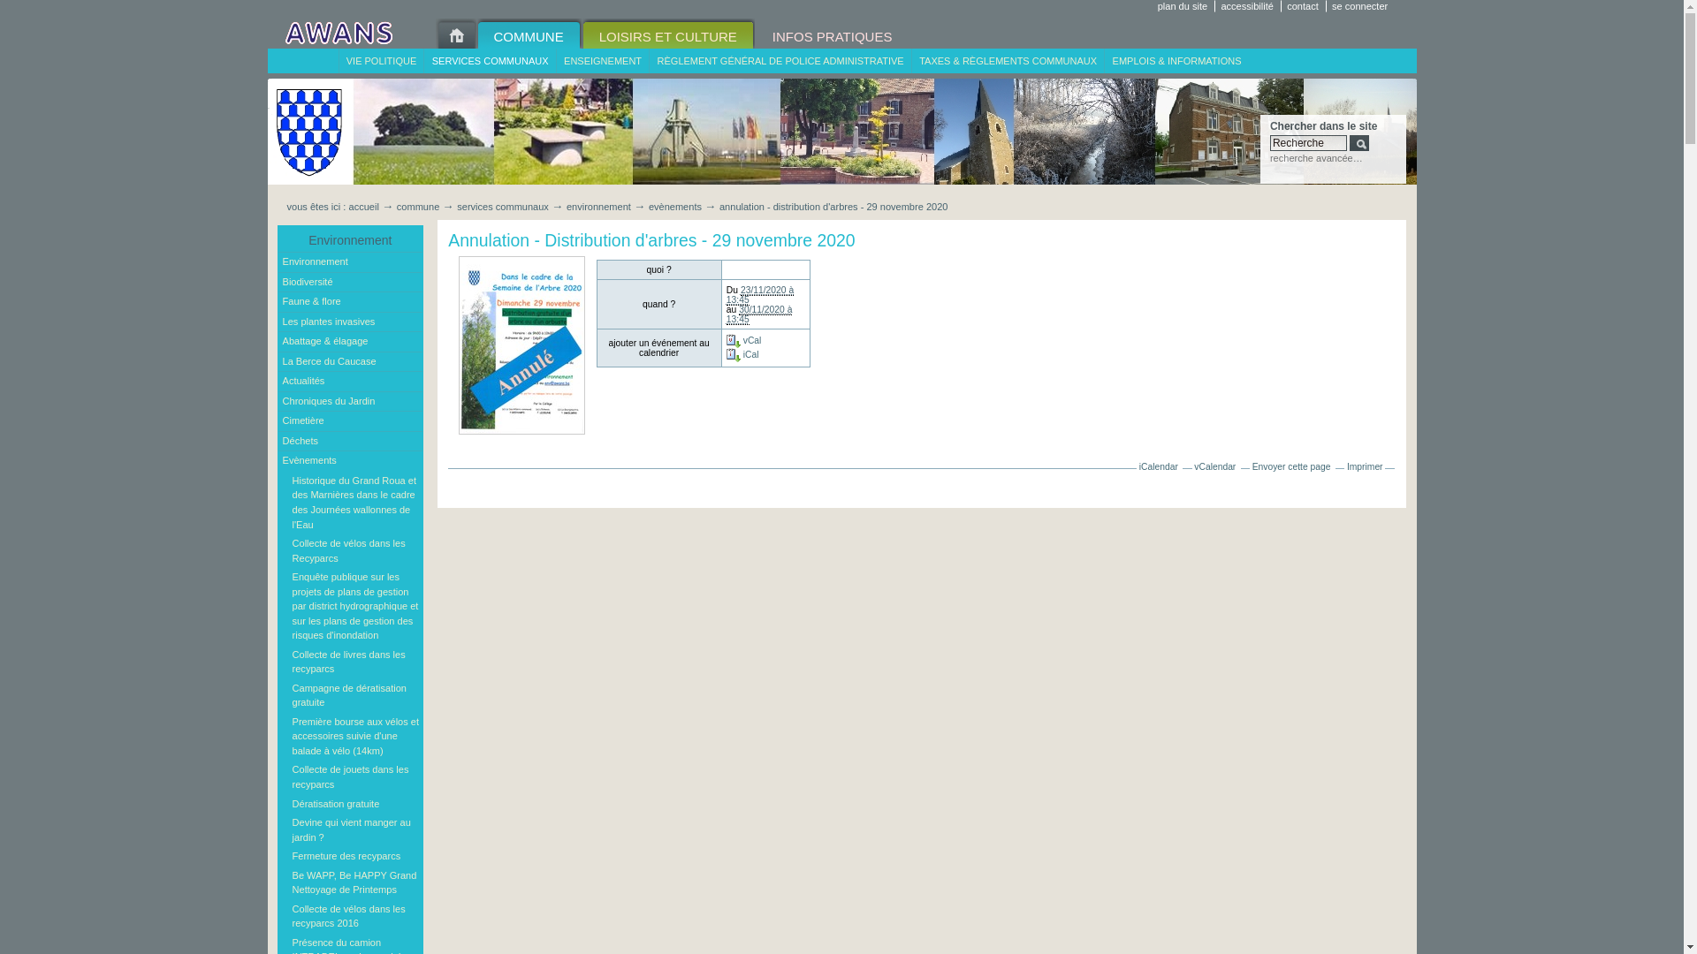 The width and height of the screenshot is (1697, 954). I want to click on 'Collecte de livres dans les recyparcs', so click(354, 662).